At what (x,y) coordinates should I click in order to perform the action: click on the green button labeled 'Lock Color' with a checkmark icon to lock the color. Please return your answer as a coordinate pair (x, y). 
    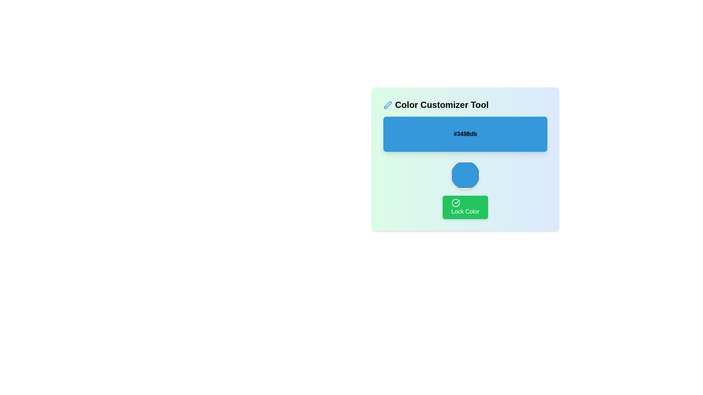
    Looking at the image, I should click on (465, 207).